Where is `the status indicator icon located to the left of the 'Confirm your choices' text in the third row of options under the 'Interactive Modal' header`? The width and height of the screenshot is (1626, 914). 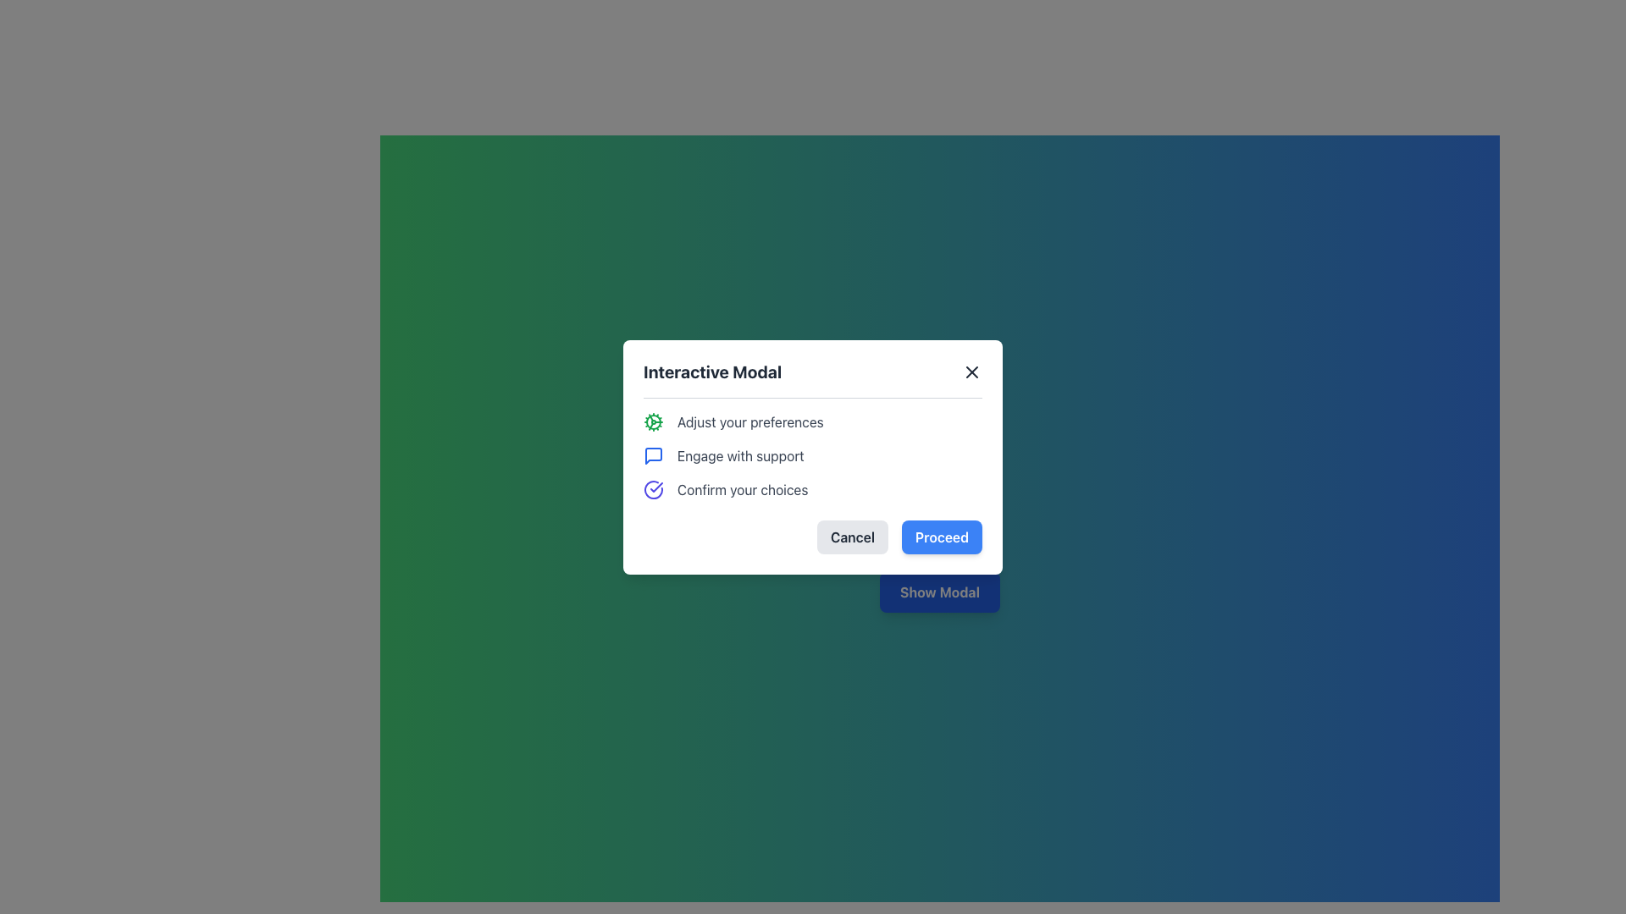 the status indicator icon located to the left of the 'Confirm your choices' text in the third row of options under the 'Interactive Modal' header is located at coordinates (653, 489).